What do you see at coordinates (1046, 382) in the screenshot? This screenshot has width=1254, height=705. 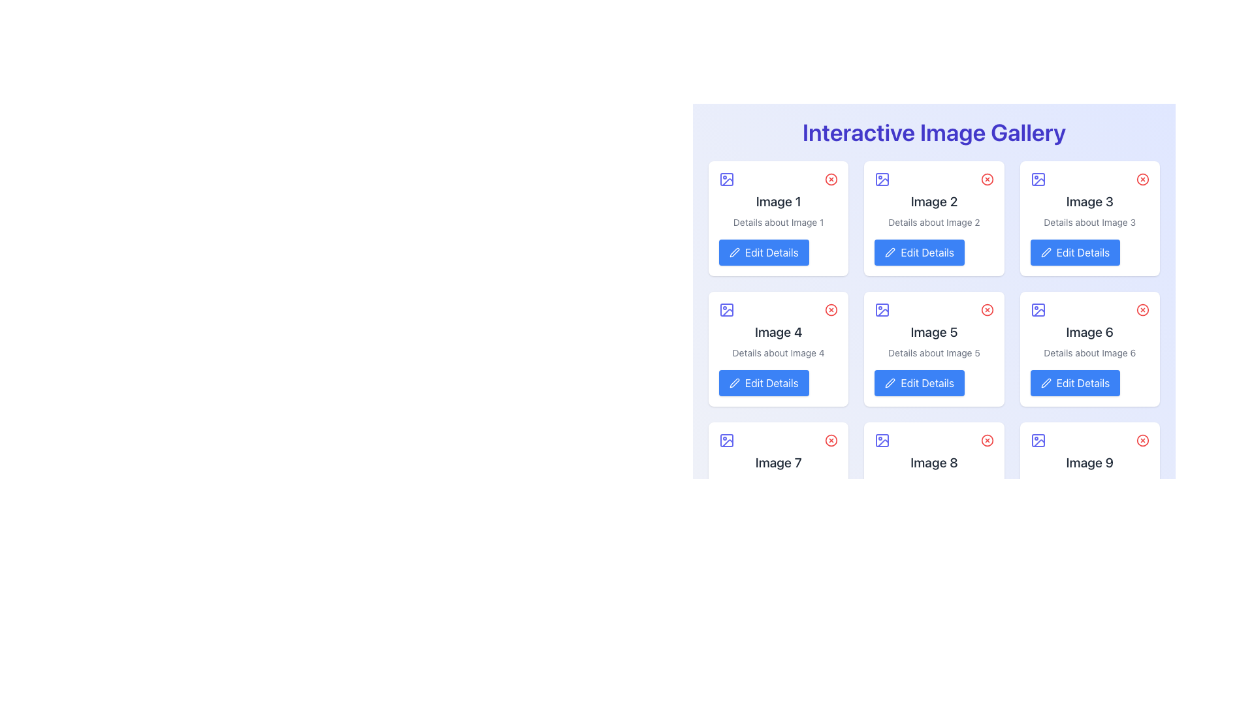 I see `the design and function of the graphic icon representing the action of editing, which is part of the blue 'Edit Details' button associated with 'Image 6' in the grid layout` at bounding box center [1046, 382].